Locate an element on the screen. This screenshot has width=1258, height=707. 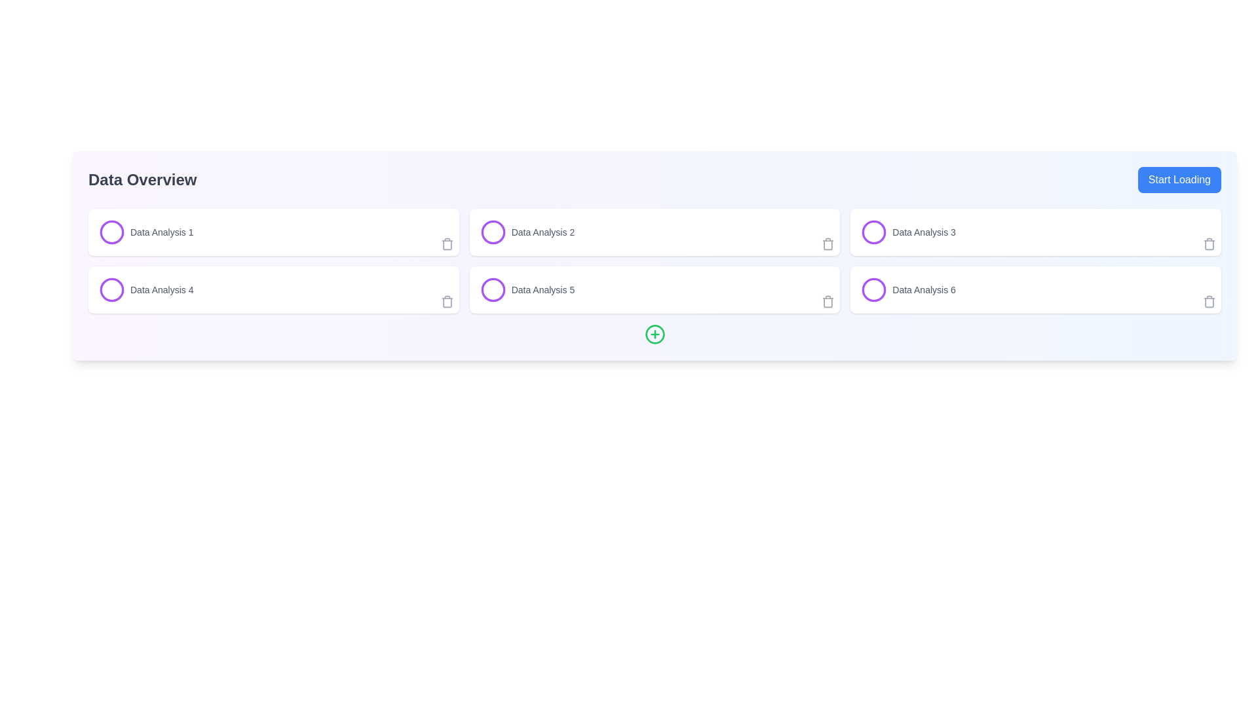
the circular visual indicator for the 'Data Analysis 2' entry is located at coordinates (492, 231).